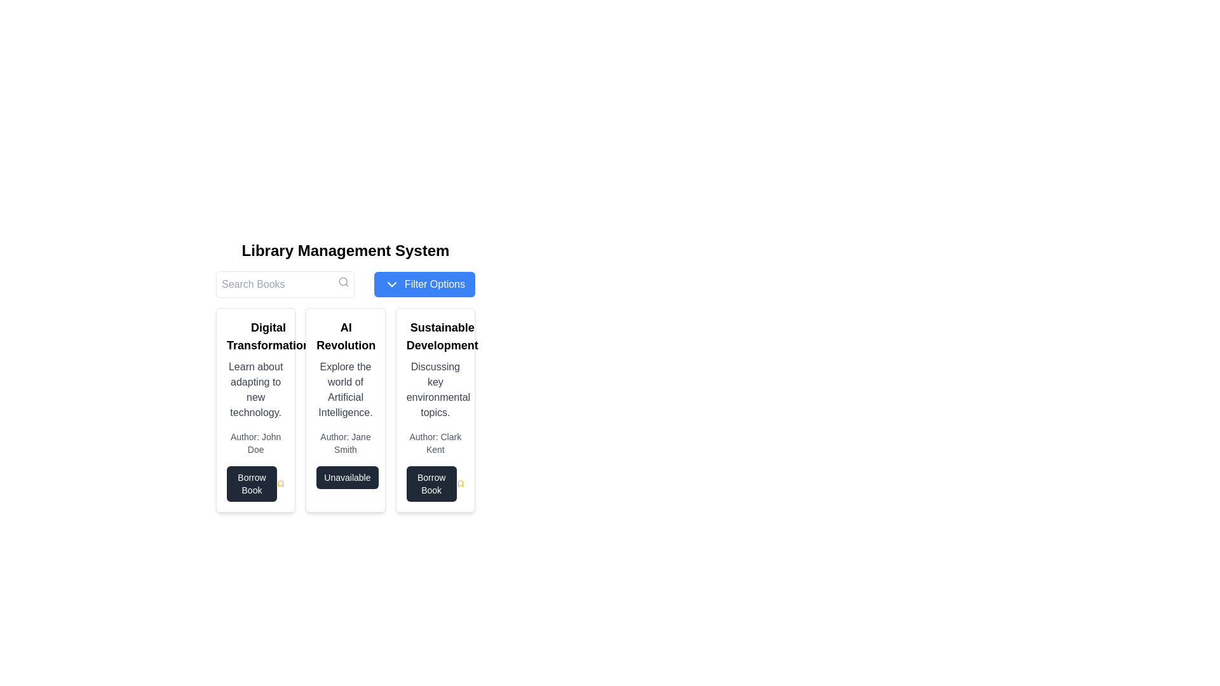 The image size is (1220, 686). Describe the element at coordinates (435, 443) in the screenshot. I see `the Text Label displaying 'Author: Clark Kent' located in the third card under 'Sustainable Development', positioned below the description text and above the 'Borrow Book' button` at that location.